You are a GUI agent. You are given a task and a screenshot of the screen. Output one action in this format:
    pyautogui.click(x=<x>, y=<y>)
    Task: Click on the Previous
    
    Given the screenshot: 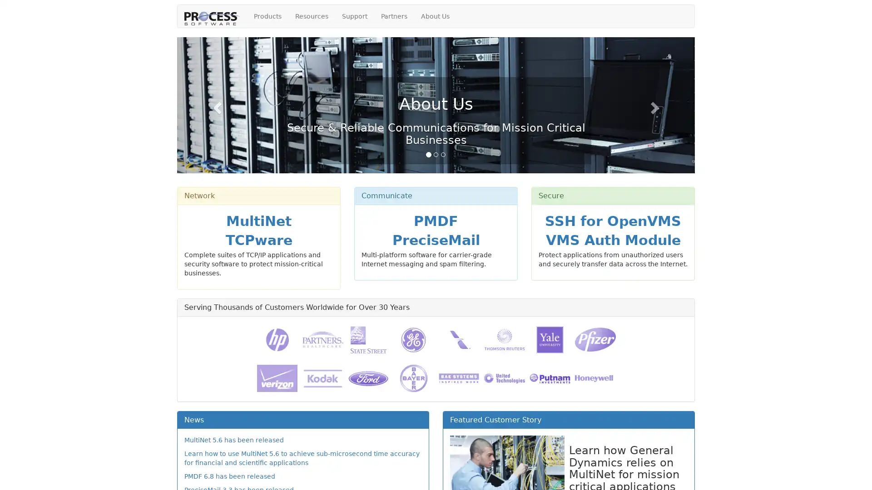 What is the action you would take?
    pyautogui.click(x=215, y=104)
    